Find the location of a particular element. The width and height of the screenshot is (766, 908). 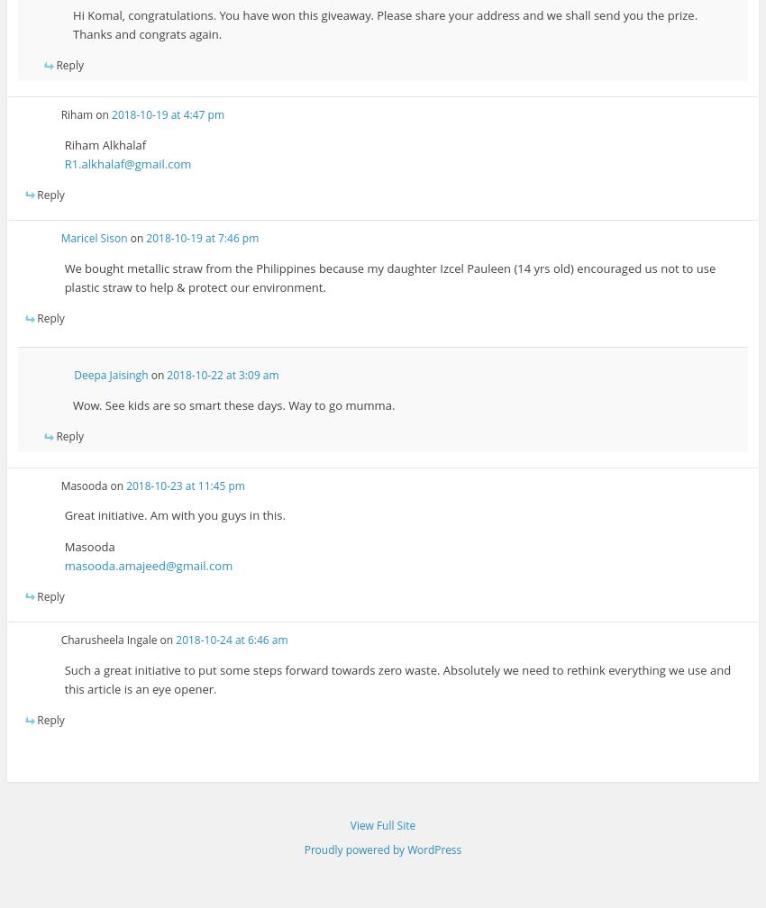

'Charusheela Ingale' is located at coordinates (107, 640).